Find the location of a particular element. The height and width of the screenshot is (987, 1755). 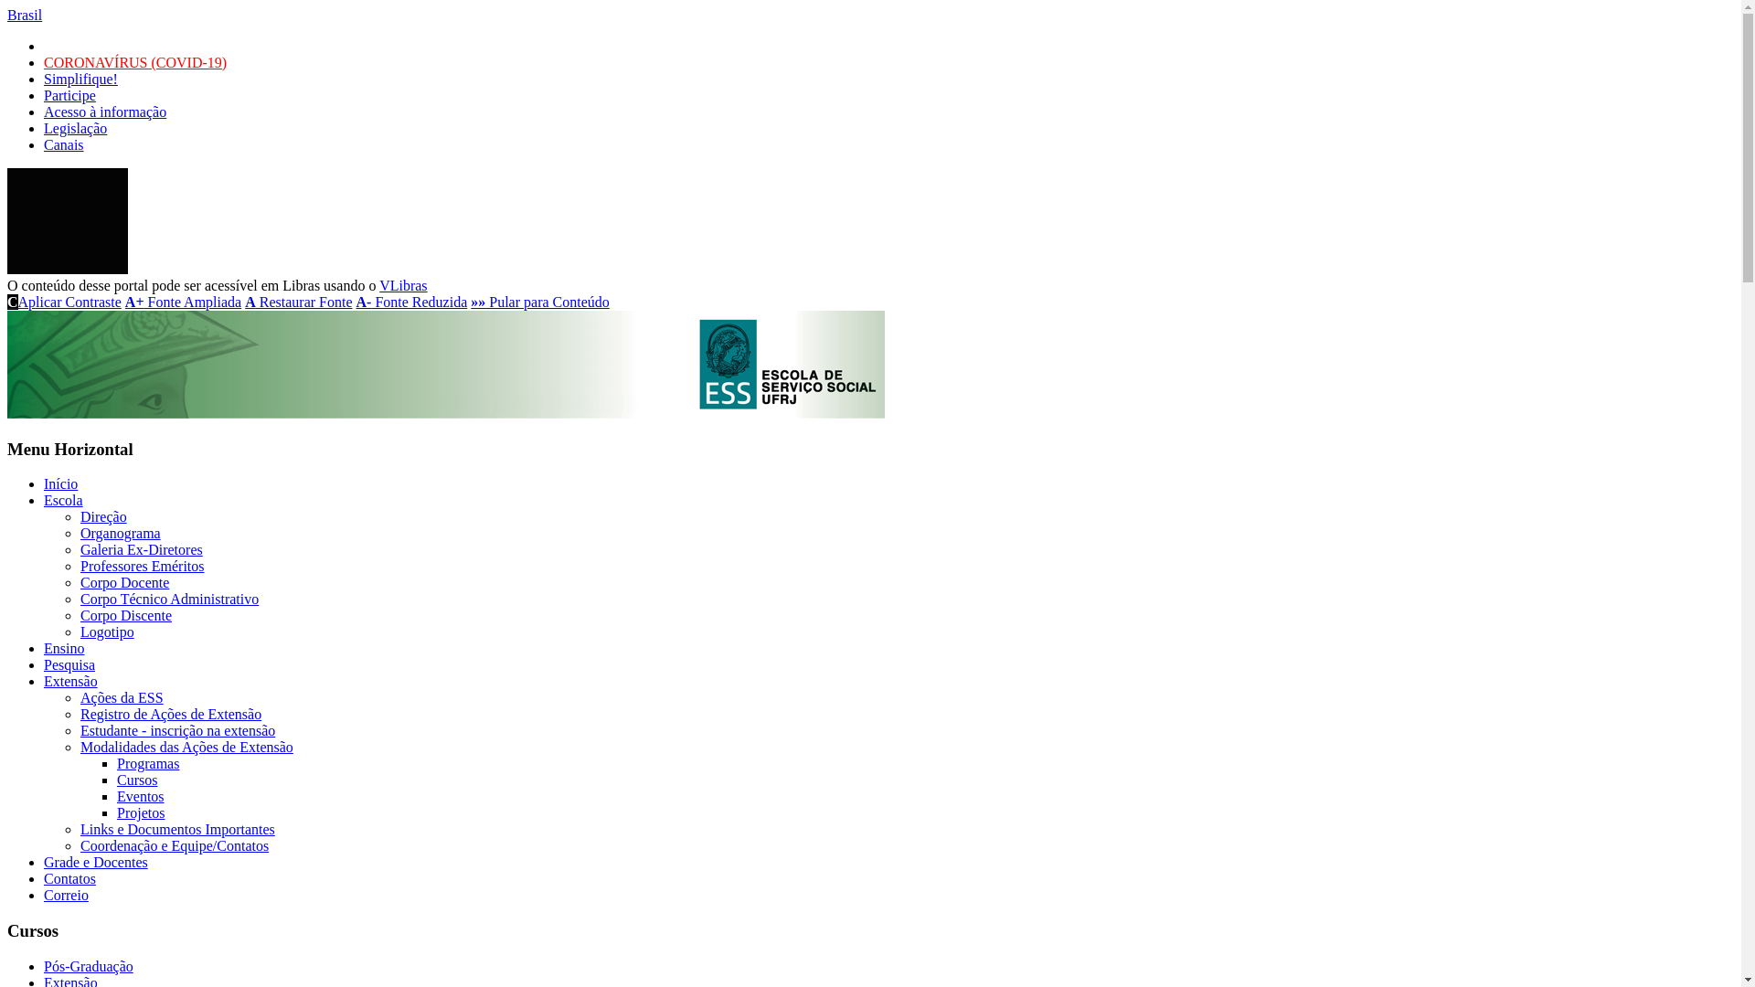

'Organograma' is located at coordinates (79, 533).